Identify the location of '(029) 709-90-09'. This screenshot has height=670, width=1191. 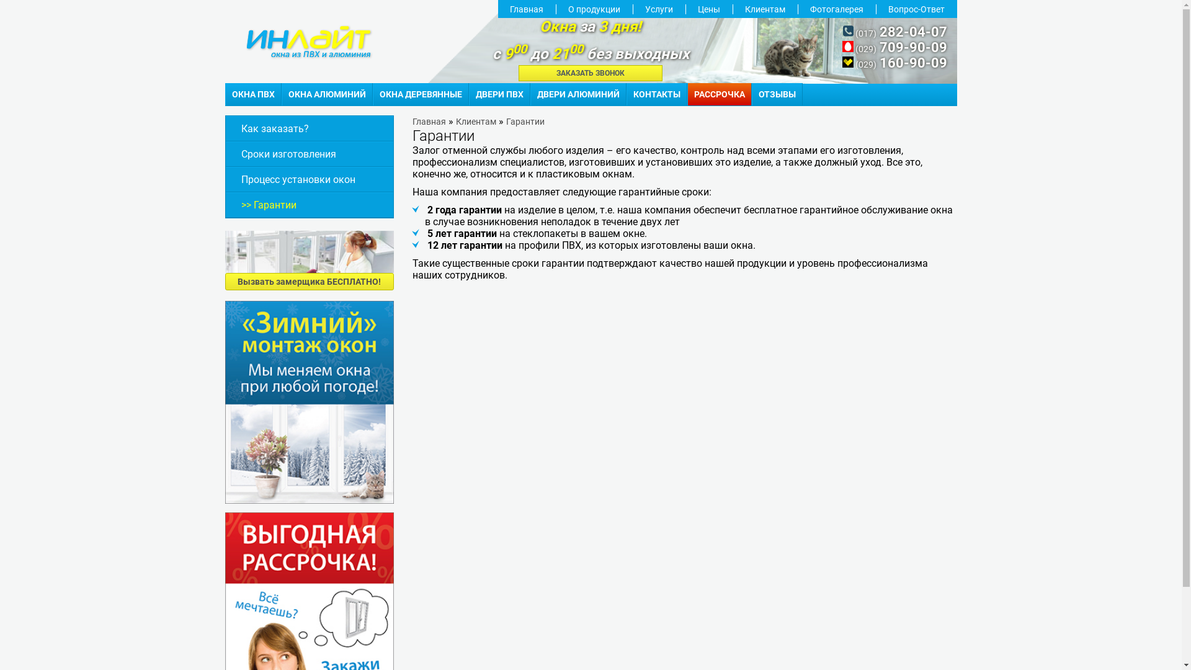
(894, 48).